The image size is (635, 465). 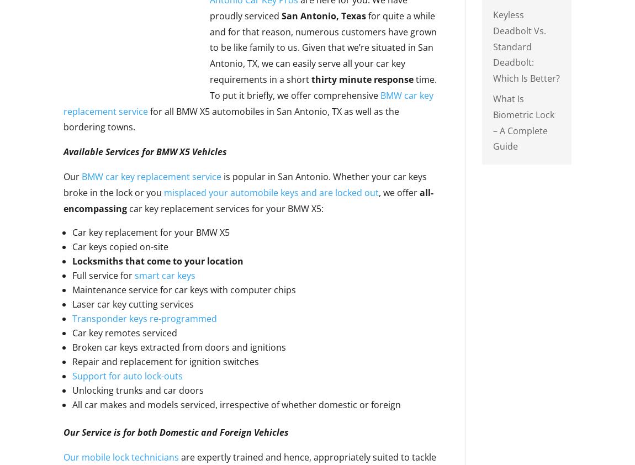 I want to click on 'thirty minute response', so click(x=311, y=78).